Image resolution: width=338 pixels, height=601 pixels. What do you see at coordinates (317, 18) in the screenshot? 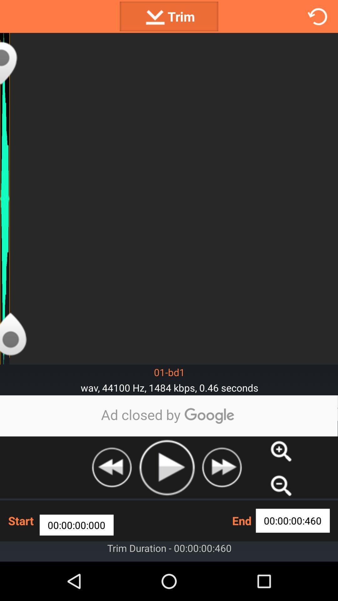
I see `the refresh icon` at bounding box center [317, 18].